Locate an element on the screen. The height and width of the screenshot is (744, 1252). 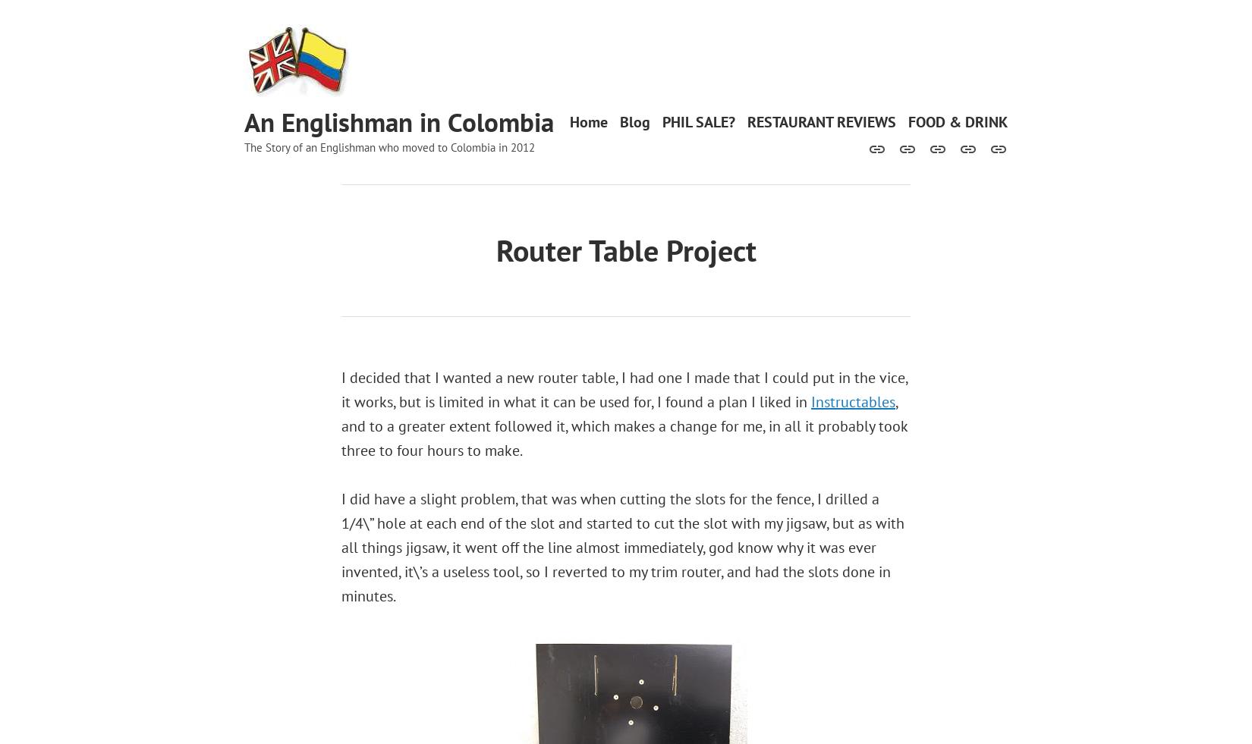
'PHIL SALE?' is located at coordinates (662, 121).